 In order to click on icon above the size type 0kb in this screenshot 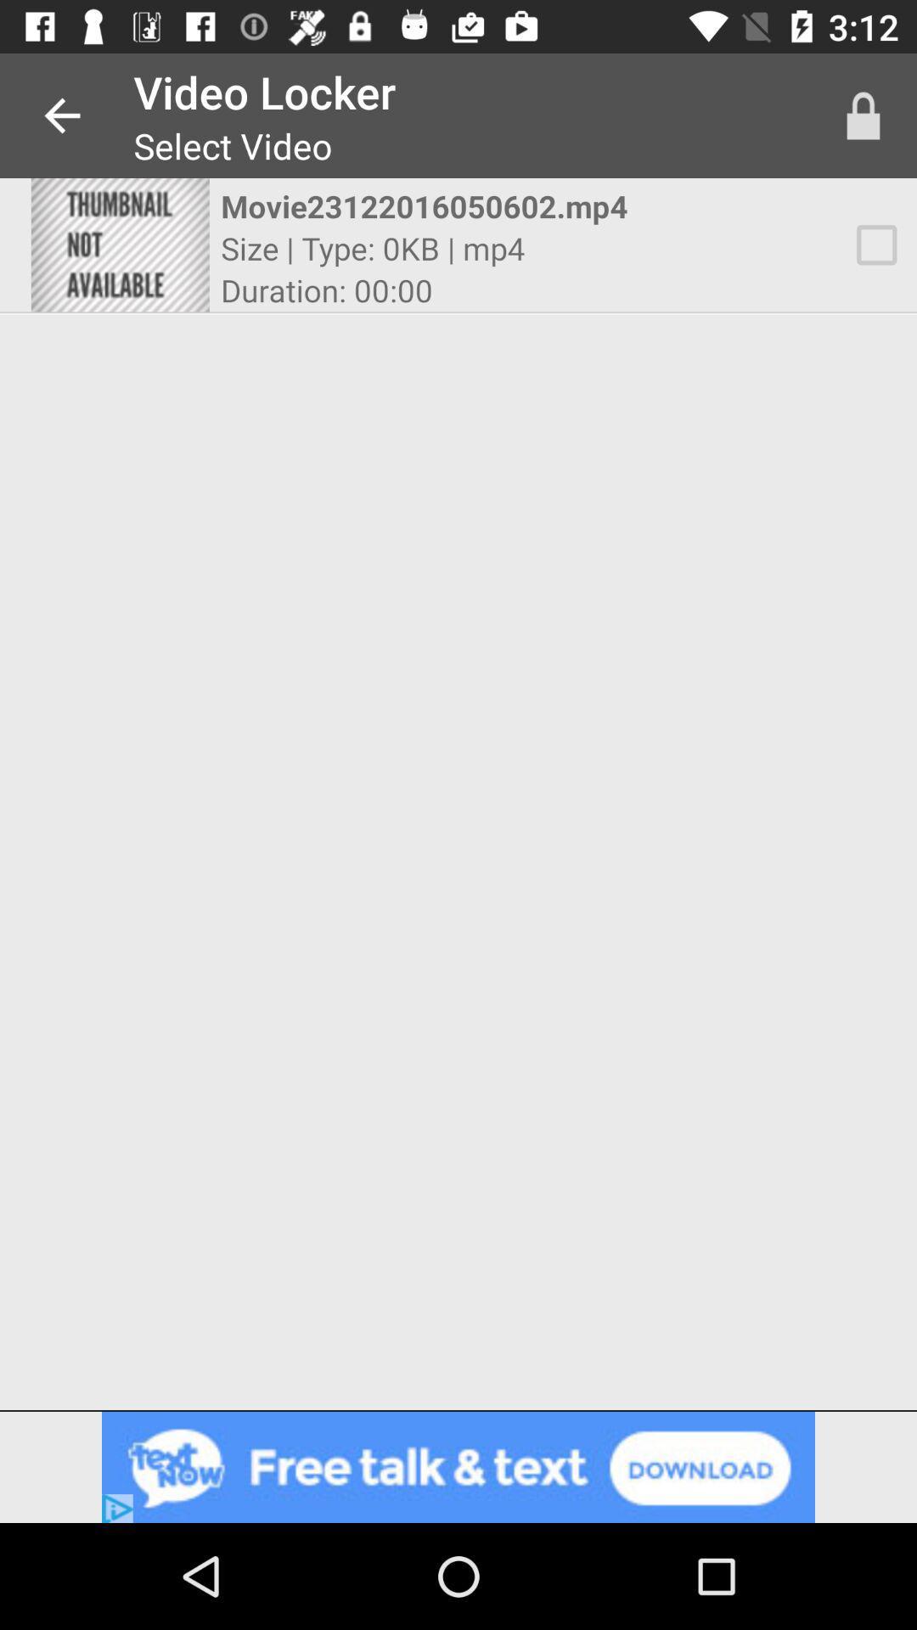, I will do `click(442, 205)`.